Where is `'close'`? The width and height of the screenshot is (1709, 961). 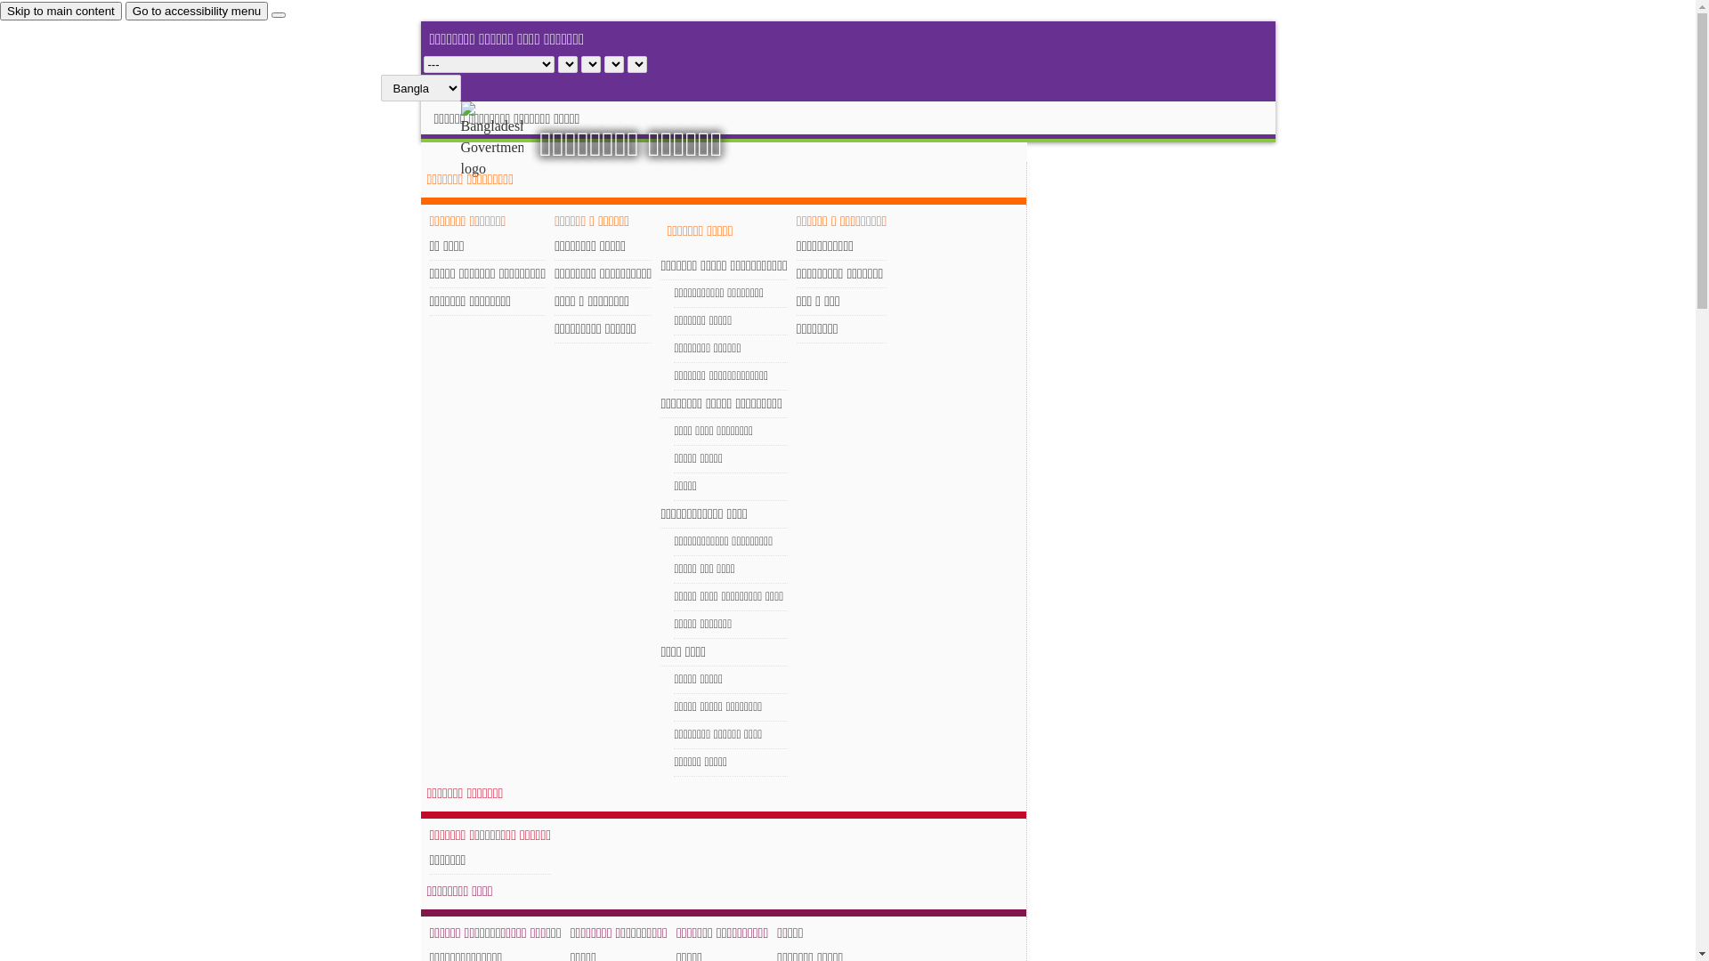
'close' is located at coordinates (277, 14).